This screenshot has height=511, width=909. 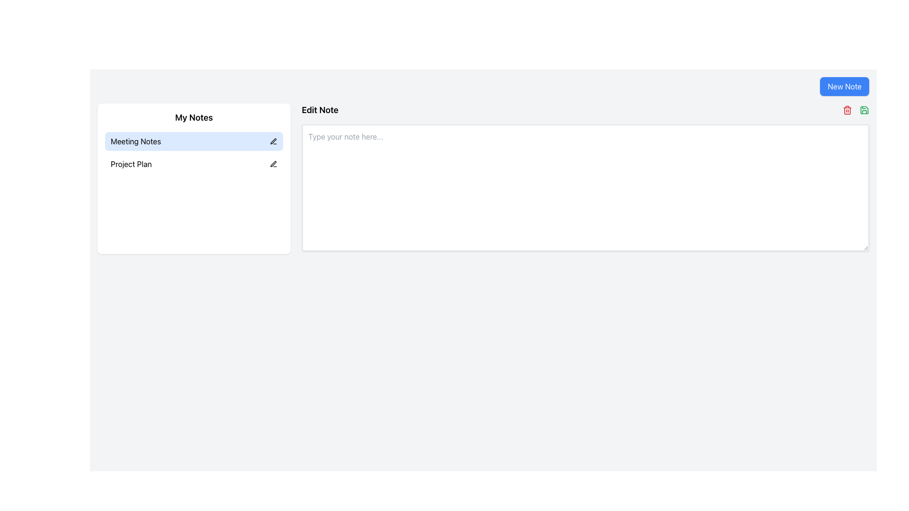 What do you see at coordinates (273, 164) in the screenshot?
I see `the pen-shaped icon located to the far-right side of the 'Project Plan' row in the 'My Notes' section to initiate an edit action` at bounding box center [273, 164].